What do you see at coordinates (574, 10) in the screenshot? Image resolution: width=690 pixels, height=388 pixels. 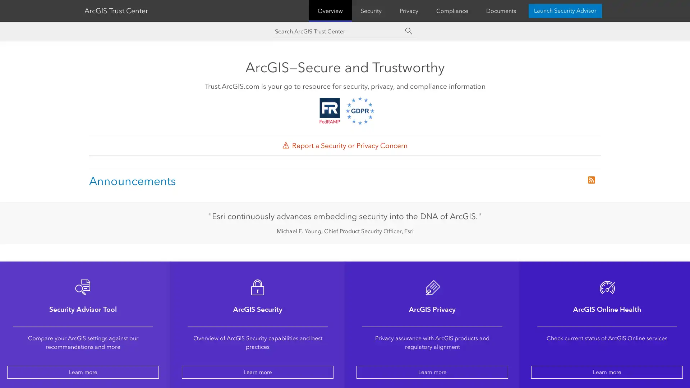 I see `Switch Language` at bounding box center [574, 10].